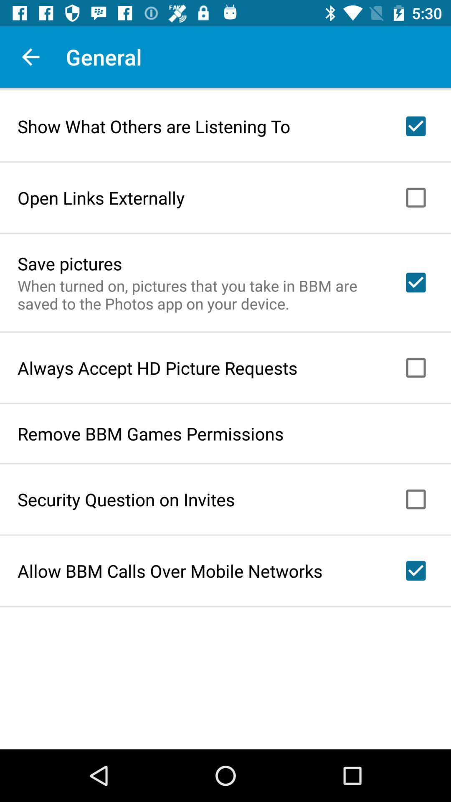 This screenshot has height=802, width=451. I want to click on the app next to general, so click(30, 56).